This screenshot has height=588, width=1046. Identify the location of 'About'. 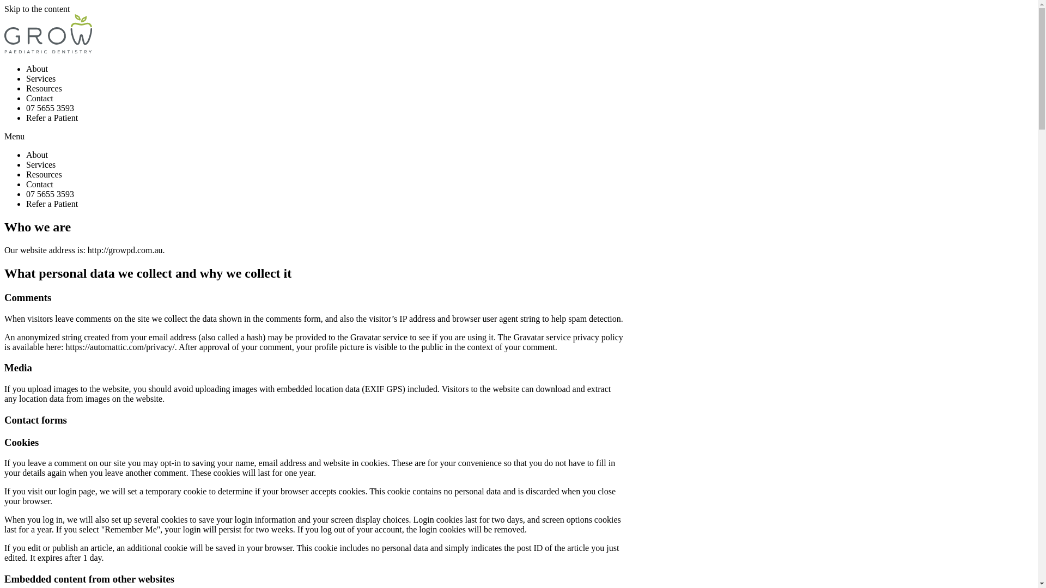
(37, 69).